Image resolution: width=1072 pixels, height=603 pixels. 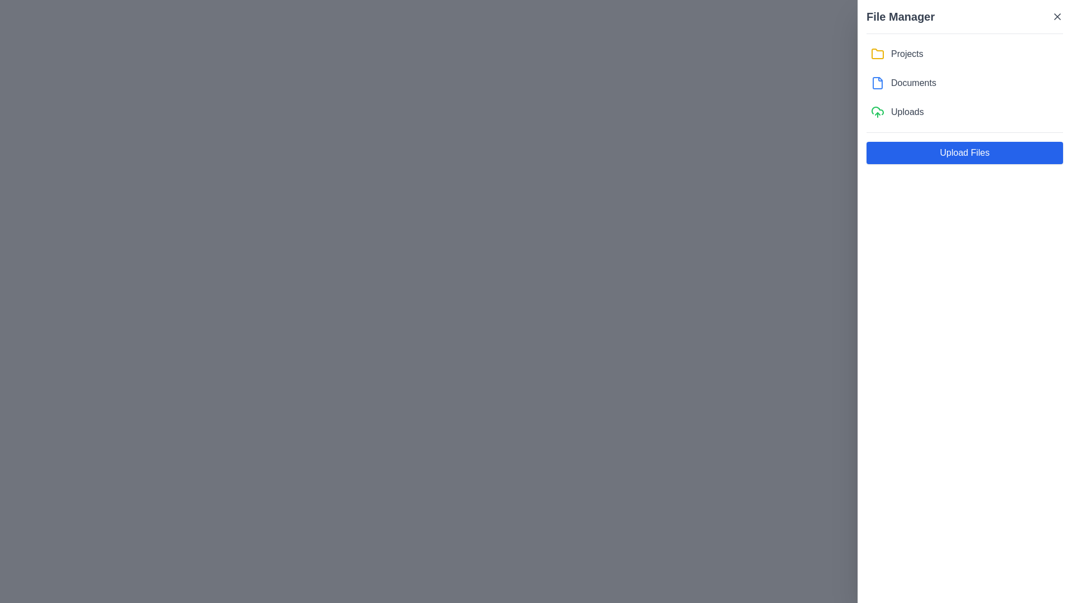 What do you see at coordinates (964, 152) in the screenshot?
I see `the 'Upload Files' button, which is a wide rectangular button with a blue background and white text located at the bottom of the 'File Manager' panel` at bounding box center [964, 152].